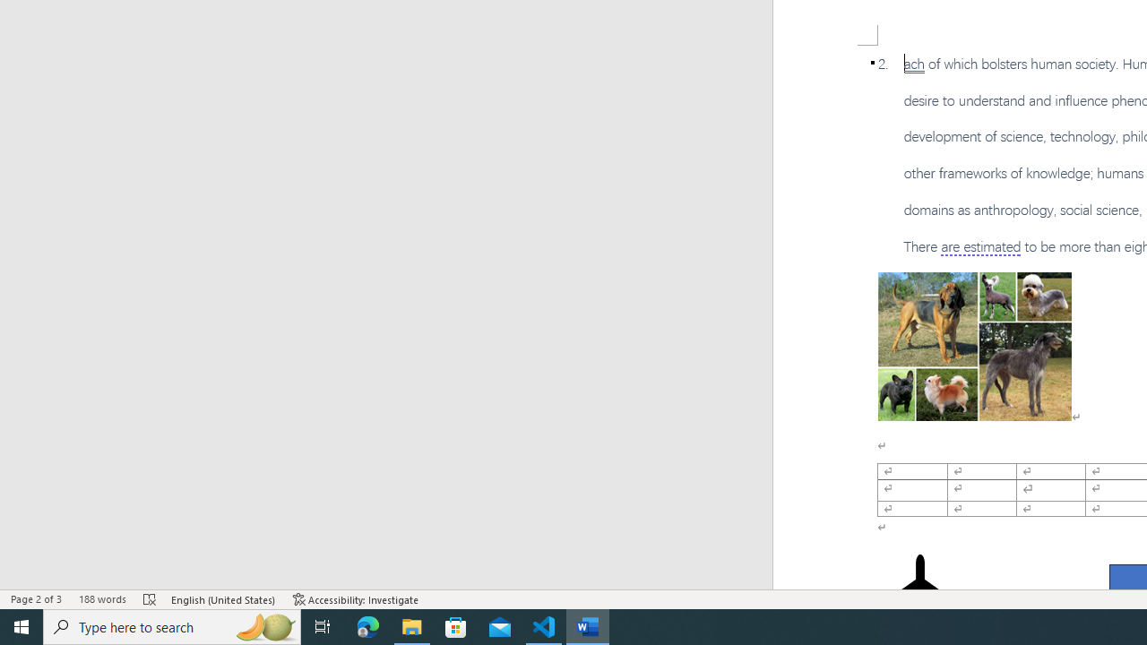 The image size is (1147, 645). Describe the element at coordinates (974, 347) in the screenshot. I see `'Morphological variation in six dogs'` at that location.